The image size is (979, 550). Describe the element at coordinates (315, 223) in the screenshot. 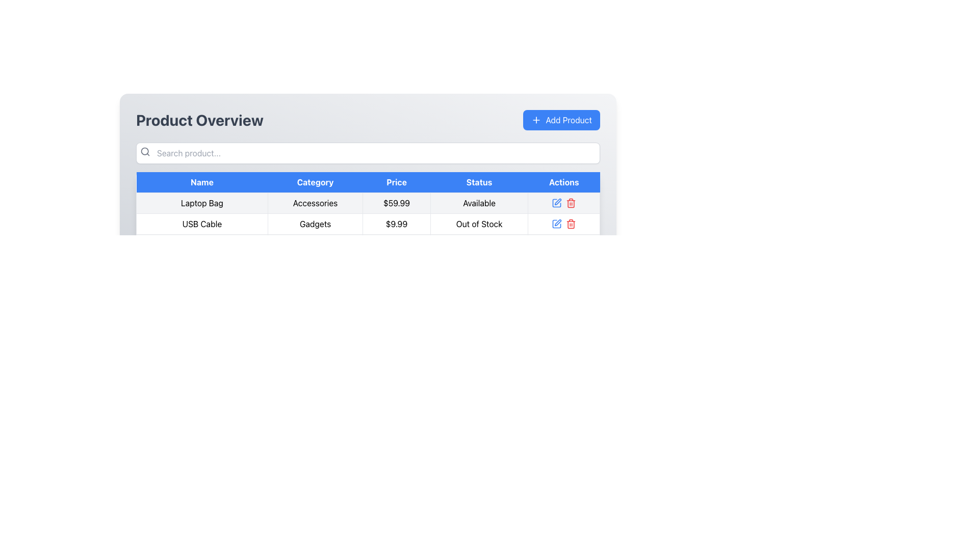

I see `the Text label in the 'Category' column of the table that describes the product 'USB Cable'` at that location.